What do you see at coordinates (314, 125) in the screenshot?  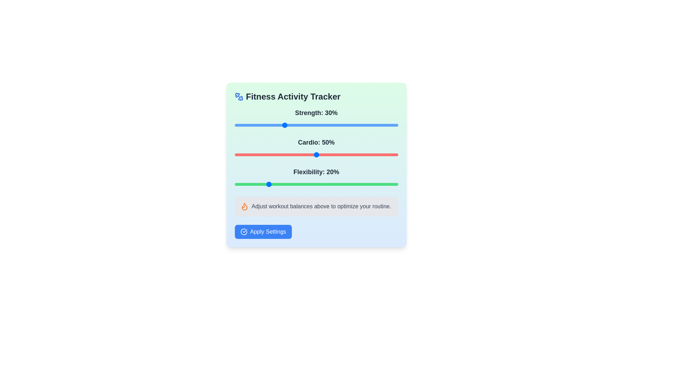 I see `the strength value` at bounding box center [314, 125].